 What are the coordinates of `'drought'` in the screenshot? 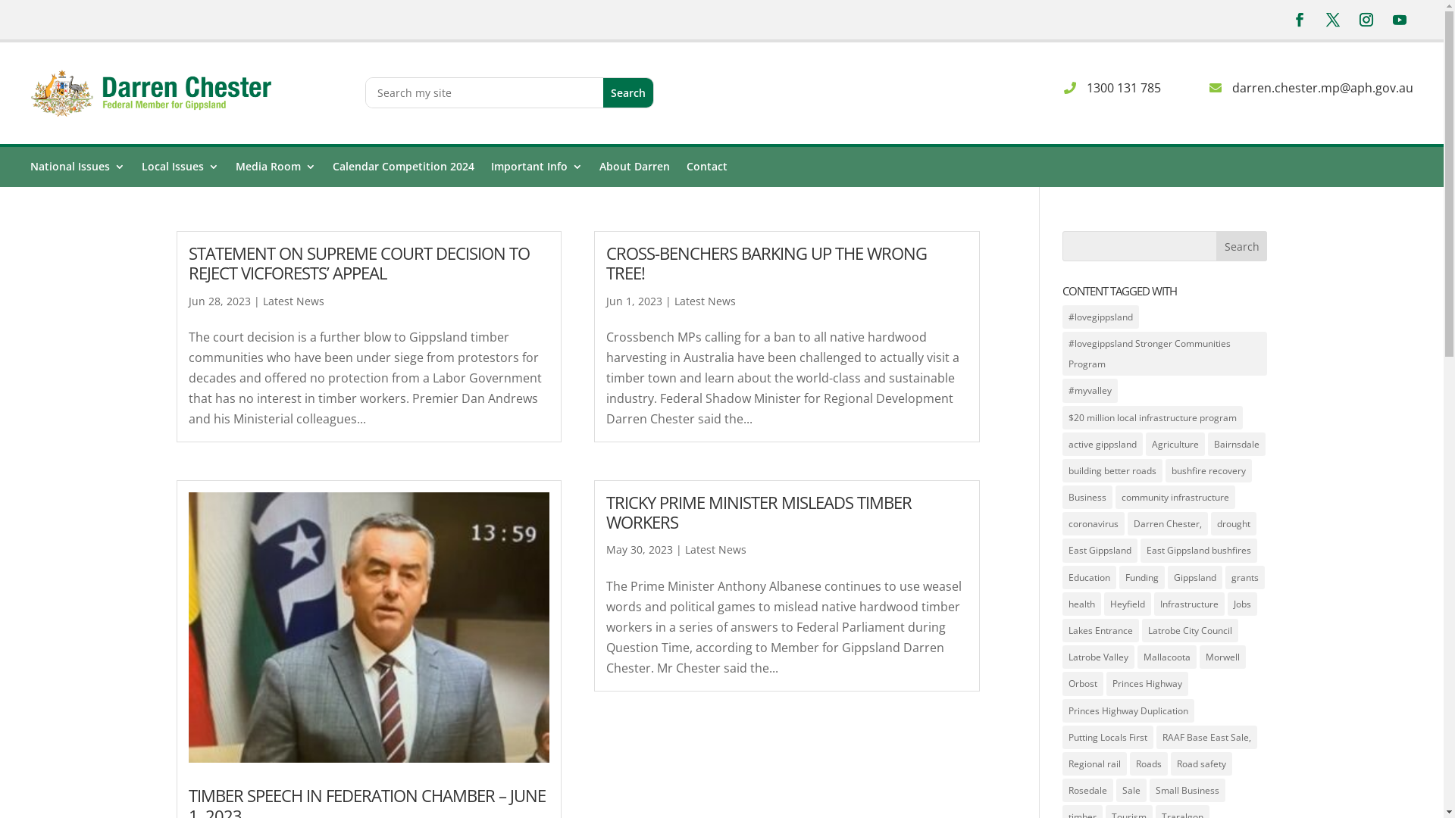 It's located at (1210, 523).